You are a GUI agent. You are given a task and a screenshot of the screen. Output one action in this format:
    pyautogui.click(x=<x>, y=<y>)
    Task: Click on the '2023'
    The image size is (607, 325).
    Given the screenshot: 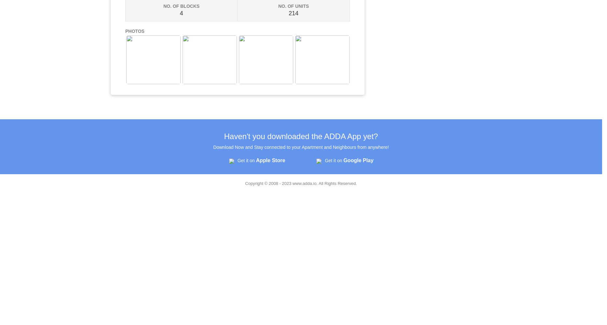 What is the action you would take?
    pyautogui.click(x=287, y=183)
    